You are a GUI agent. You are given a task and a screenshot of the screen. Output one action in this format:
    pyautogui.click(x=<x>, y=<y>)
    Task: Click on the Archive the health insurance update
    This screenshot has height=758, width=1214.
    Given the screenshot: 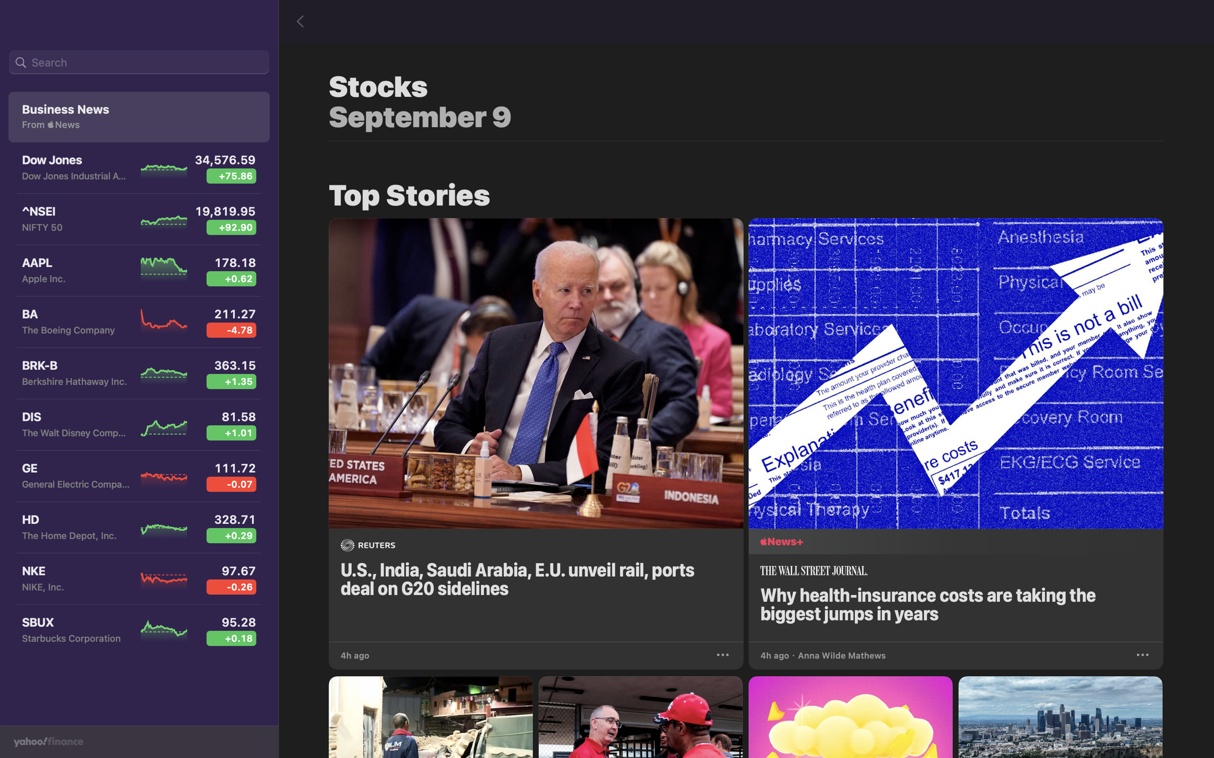 What is the action you would take?
    pyautogui.click(x=1141, y=654)
    